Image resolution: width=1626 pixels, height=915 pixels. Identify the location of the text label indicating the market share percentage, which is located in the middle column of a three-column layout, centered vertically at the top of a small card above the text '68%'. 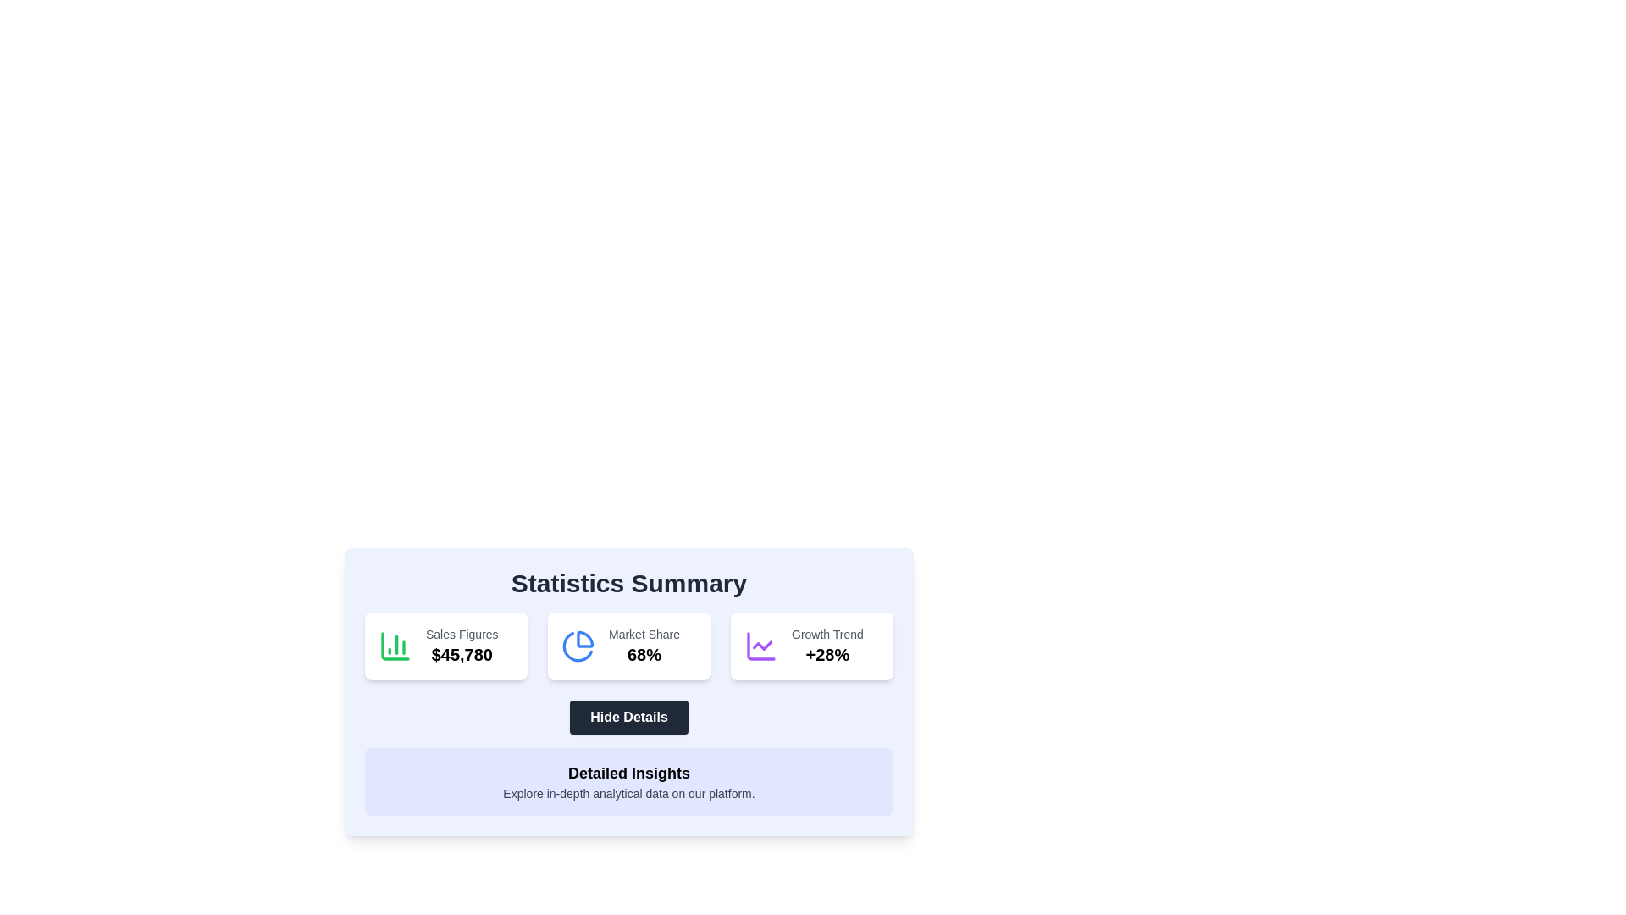
(644, 634).